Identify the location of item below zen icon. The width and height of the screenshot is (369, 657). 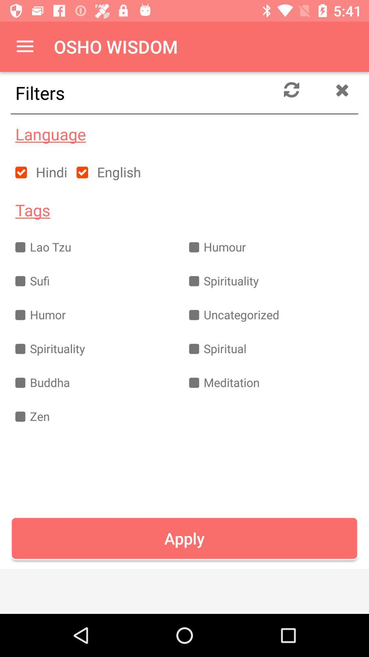
(184, 538).